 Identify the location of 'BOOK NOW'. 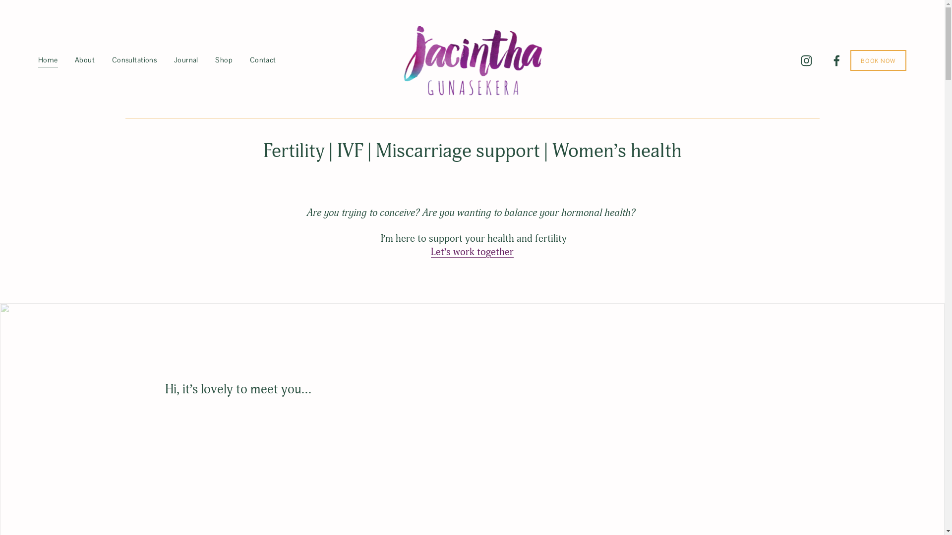
(878, 60).